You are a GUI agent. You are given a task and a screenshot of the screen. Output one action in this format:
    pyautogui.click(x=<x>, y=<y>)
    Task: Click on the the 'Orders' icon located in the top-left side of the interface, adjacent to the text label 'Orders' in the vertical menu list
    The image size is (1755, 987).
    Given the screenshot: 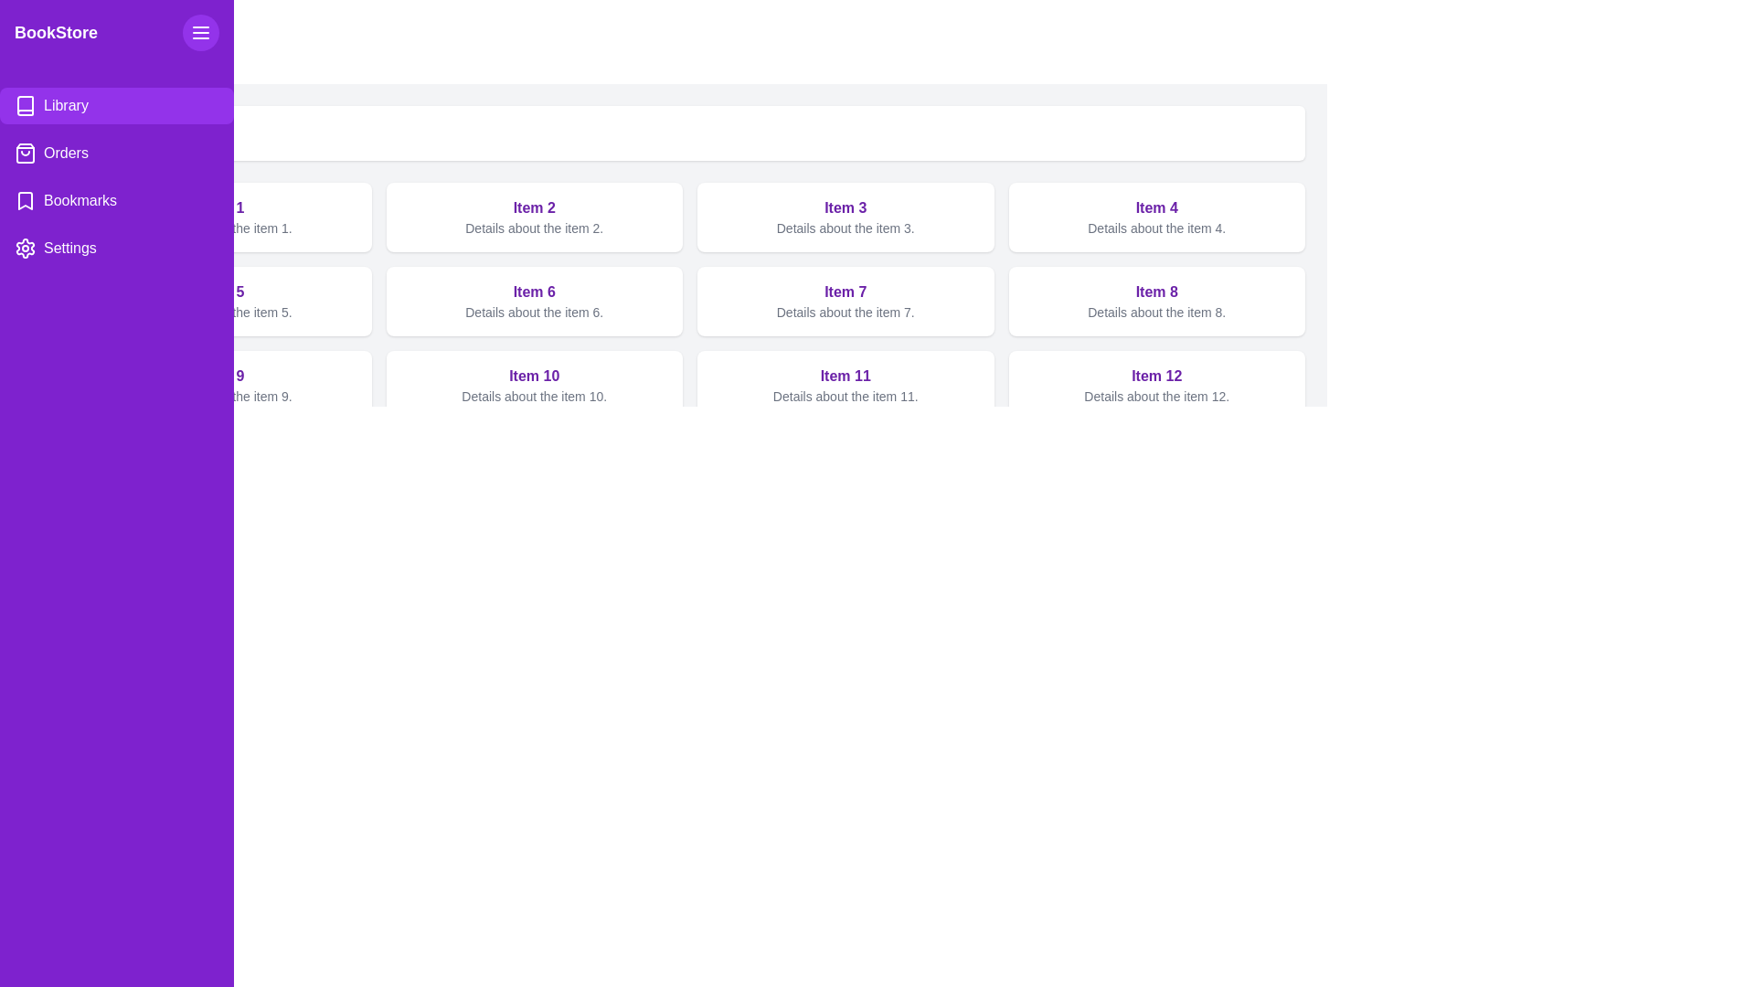 What is the action you would take?
    pyautogui.click(x=26, y=153)
    